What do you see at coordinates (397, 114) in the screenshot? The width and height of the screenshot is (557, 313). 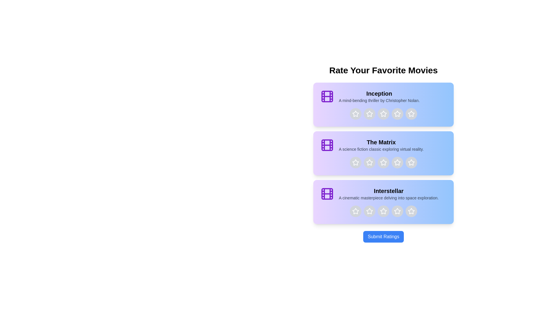 I see `the star corresponding to 4 stars for the movie titled Inception` at bounding box center [397, 114].